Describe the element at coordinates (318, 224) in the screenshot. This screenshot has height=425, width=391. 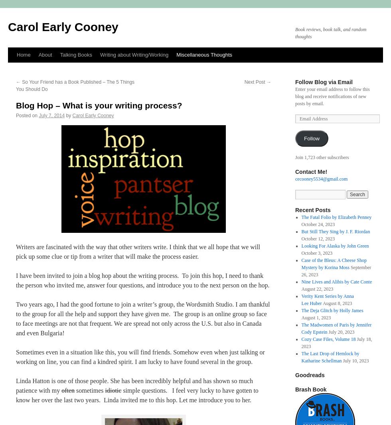
I see `'October 24, 2023'` at that location.